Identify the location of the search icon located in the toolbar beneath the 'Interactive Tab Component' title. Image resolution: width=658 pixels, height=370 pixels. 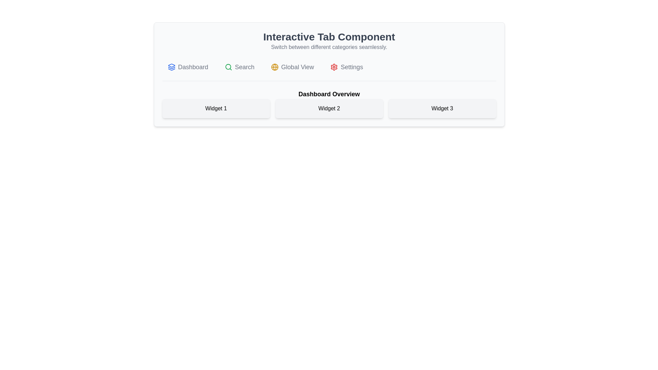
(228, 67).